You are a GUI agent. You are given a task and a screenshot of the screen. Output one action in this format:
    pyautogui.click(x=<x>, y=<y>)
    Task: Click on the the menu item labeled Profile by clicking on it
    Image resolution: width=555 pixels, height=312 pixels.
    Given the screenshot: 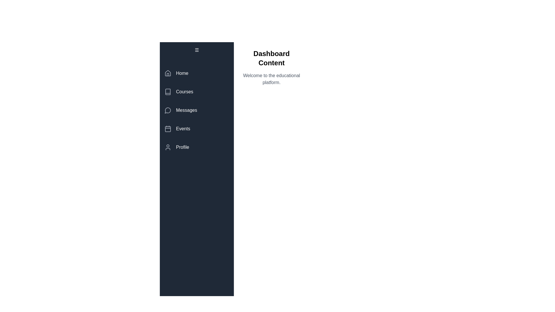 What is the action you would take?
    pyautogui.click(x=197, y=147)
    